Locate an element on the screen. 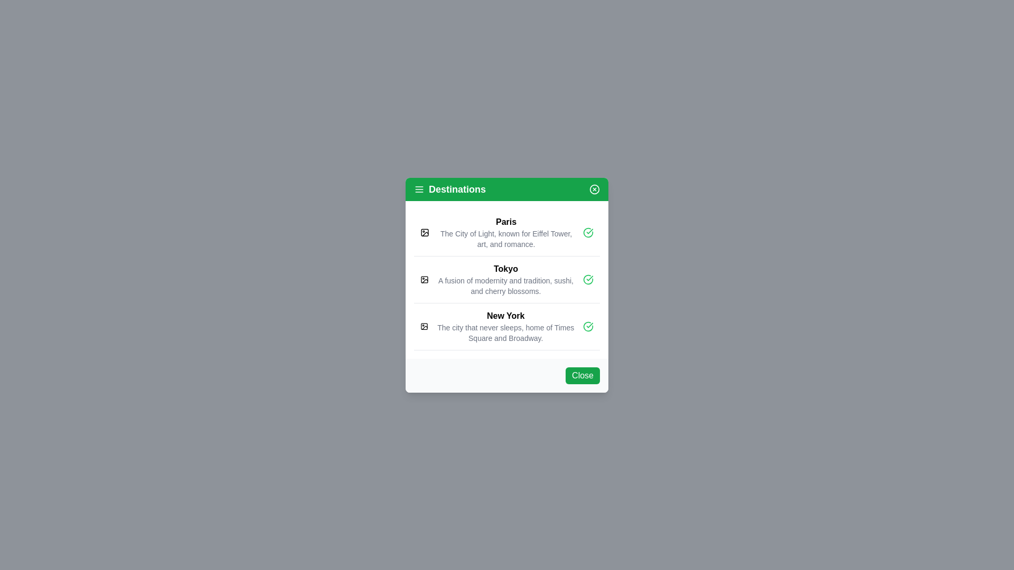 Image resolution: width=1014 pixels, height=570 pixels. the 'Destinations' text label, which is prominently displayed in bold white font on a vibrant green background at the top of the popup interface is located at coordinates (457, 188).